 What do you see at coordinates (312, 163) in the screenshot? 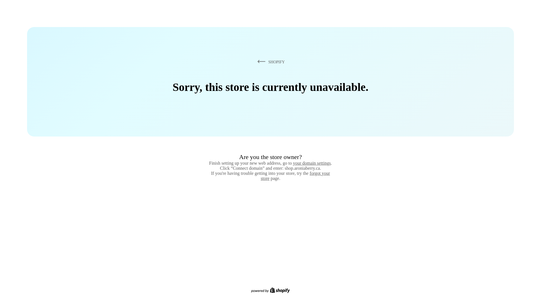
I see `'your domain settings'` at bounding box center [312, 163].